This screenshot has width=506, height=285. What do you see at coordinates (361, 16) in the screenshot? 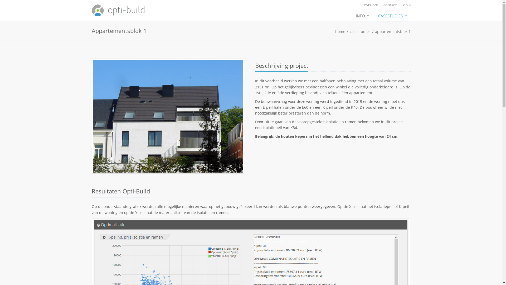
I see `'INFO'` at bounding box center [361, 16].